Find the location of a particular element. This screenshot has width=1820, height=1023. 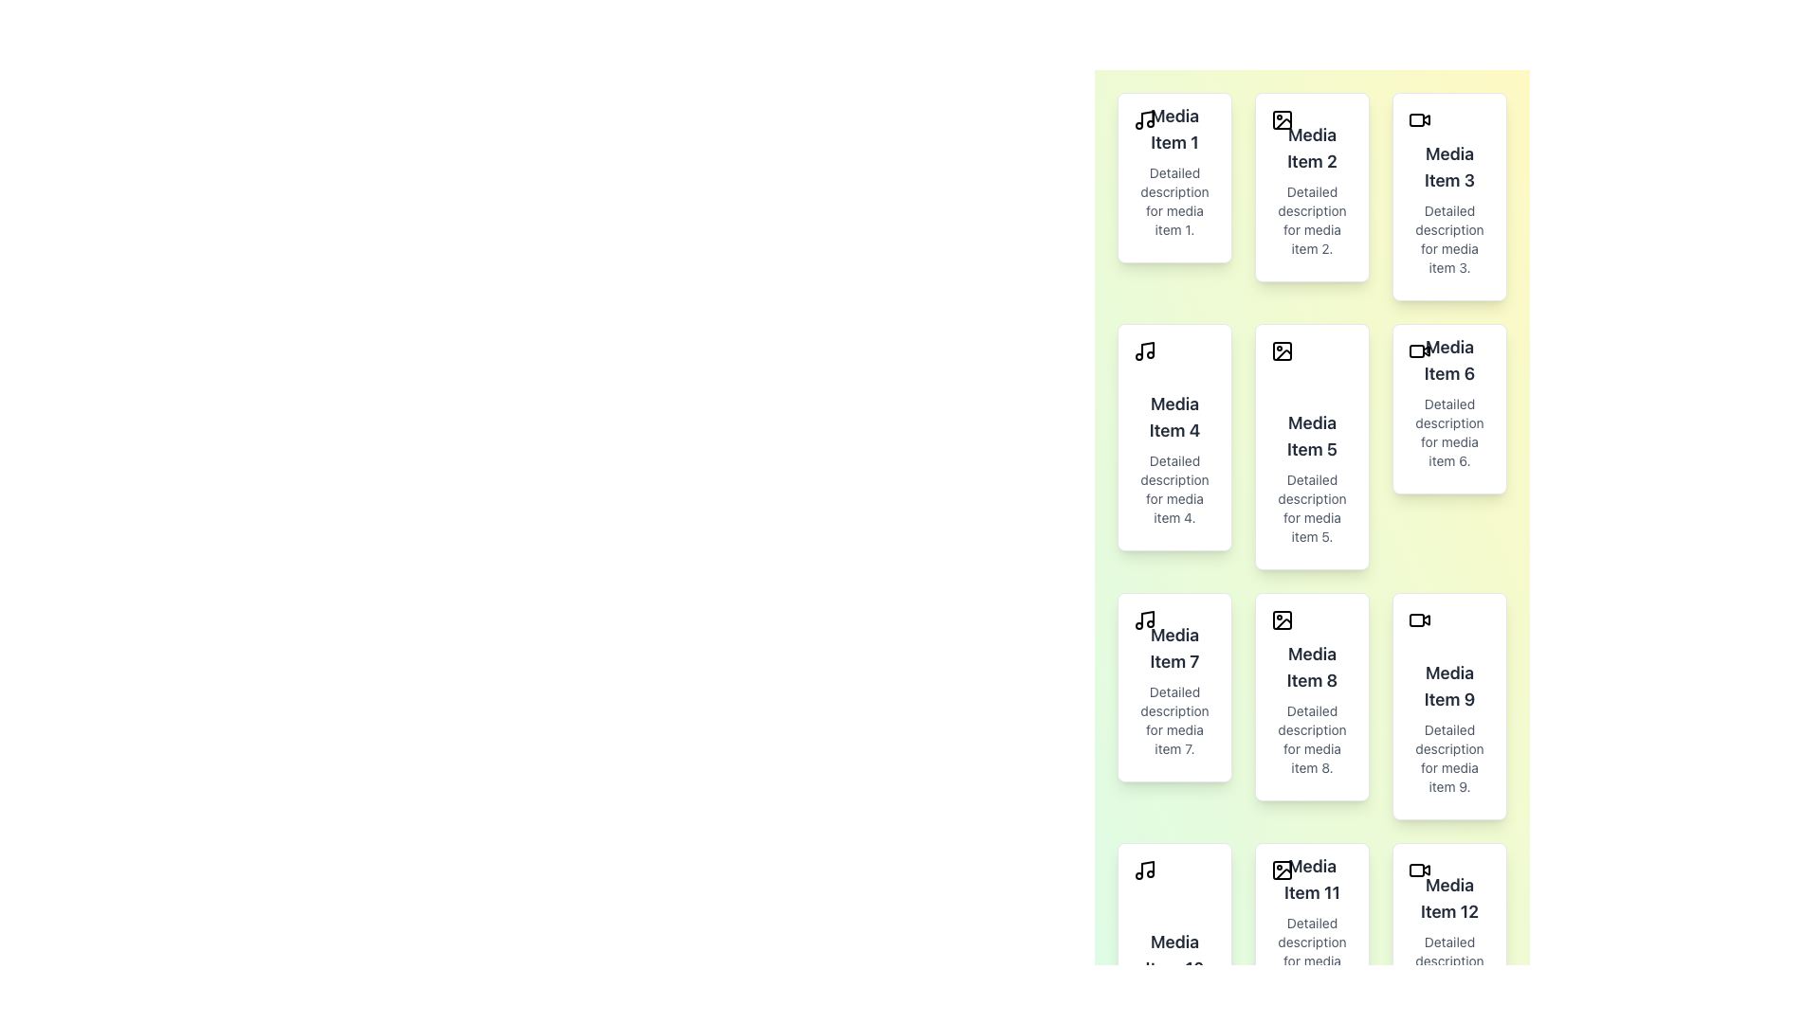

the video icon that visually denotes the content of 'Media Item 12', positioned at the top-left corner of its card is located at coordinates (1419, 870).